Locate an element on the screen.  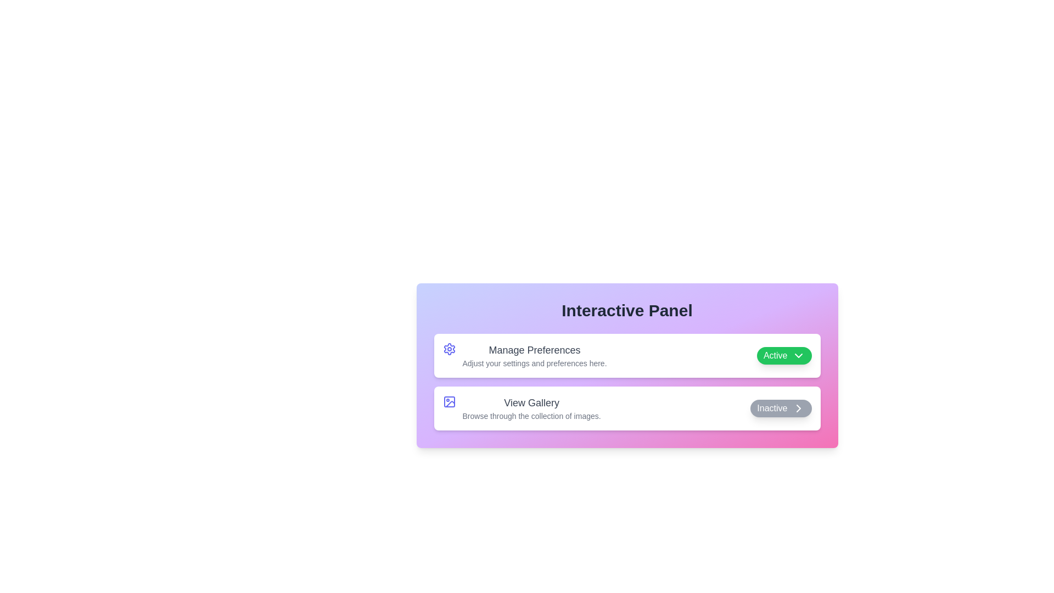
the icon for View Gallery to display its tooltip or description is located at coordinates (449, 402).